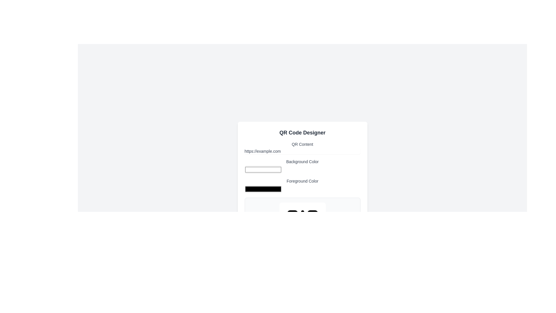 This screenshot has width=556, height=313. Describe the element at coordinates (312, 216) in the screenshot. I see `the second square in the first row of the QR code representation, which is part of a group of small graphical squares` at that location.